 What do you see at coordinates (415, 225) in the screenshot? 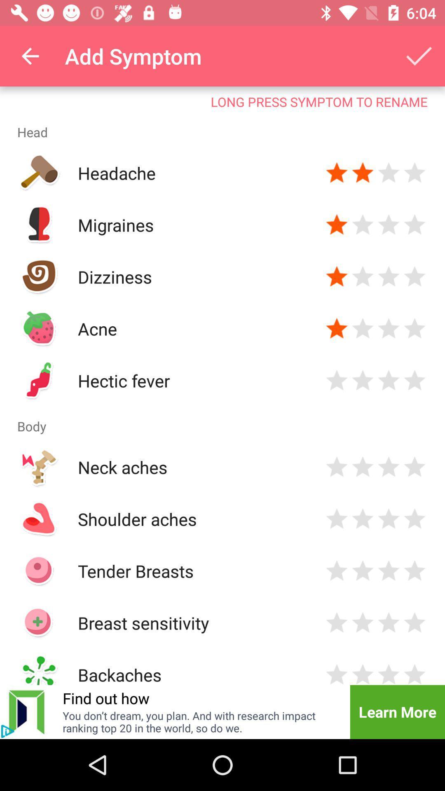
I see `4 star` at bounding box center [415, 225].